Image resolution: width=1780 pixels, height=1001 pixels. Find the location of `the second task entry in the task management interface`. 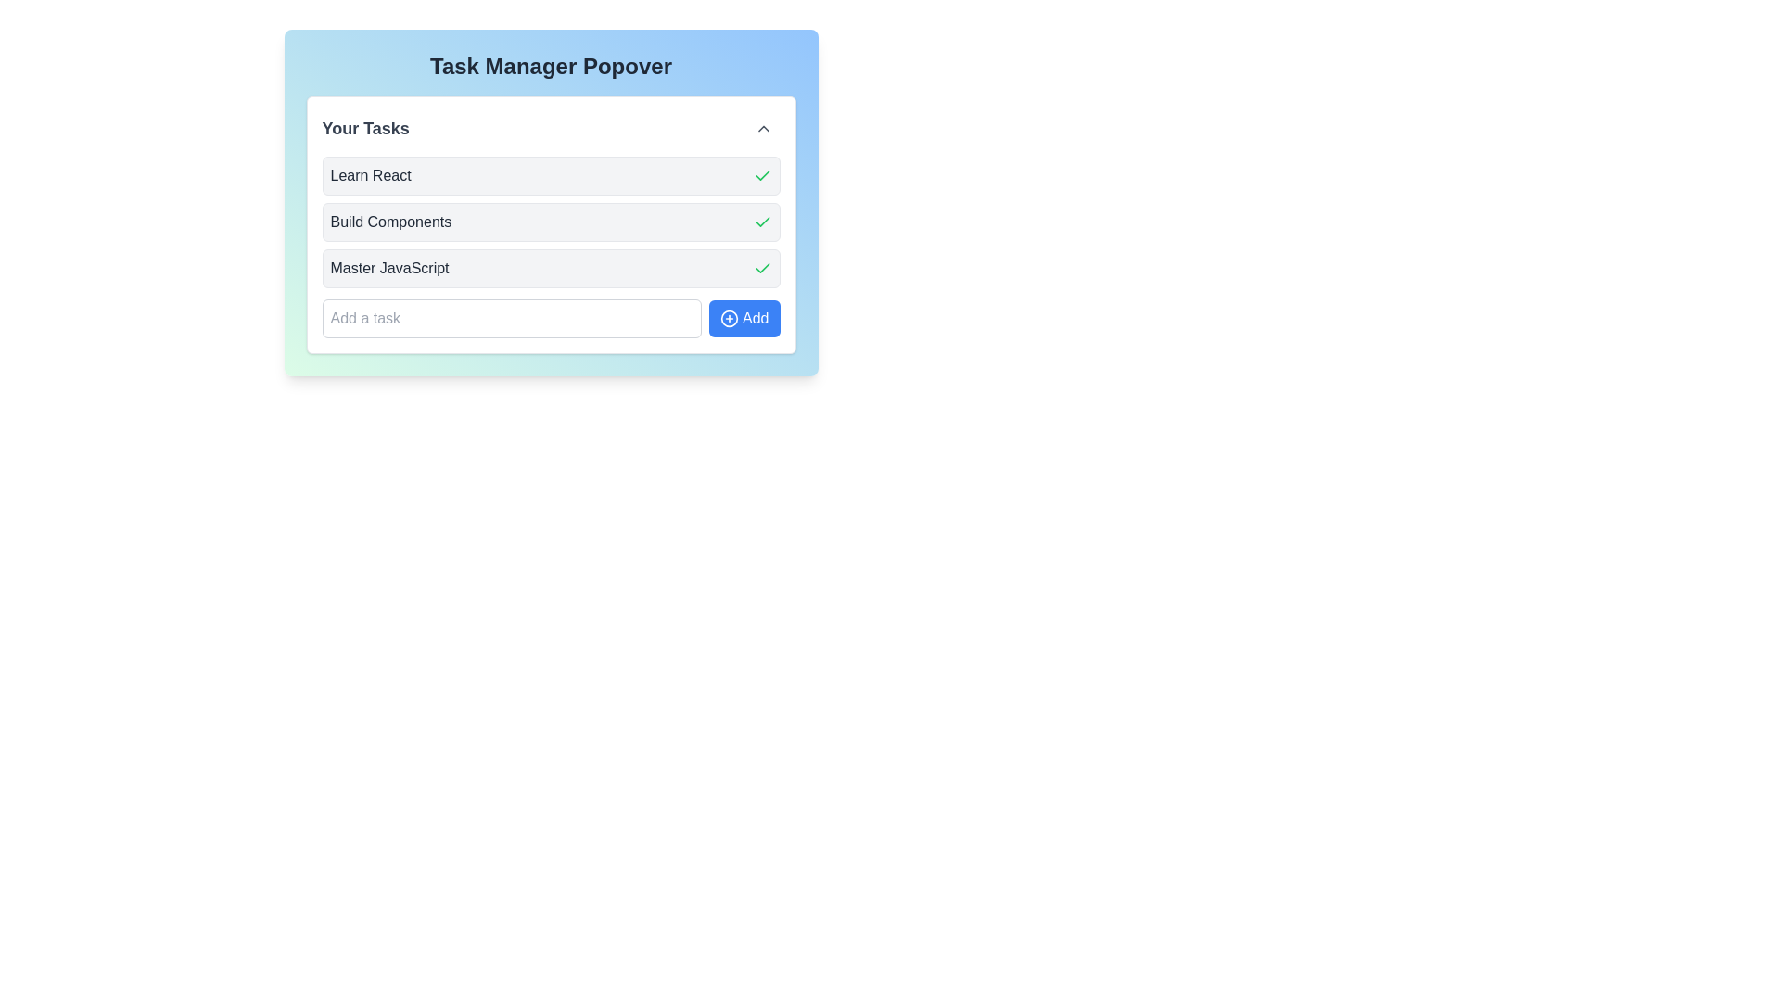

the second task entry in the task management interface is located at coordinates (550, 224).